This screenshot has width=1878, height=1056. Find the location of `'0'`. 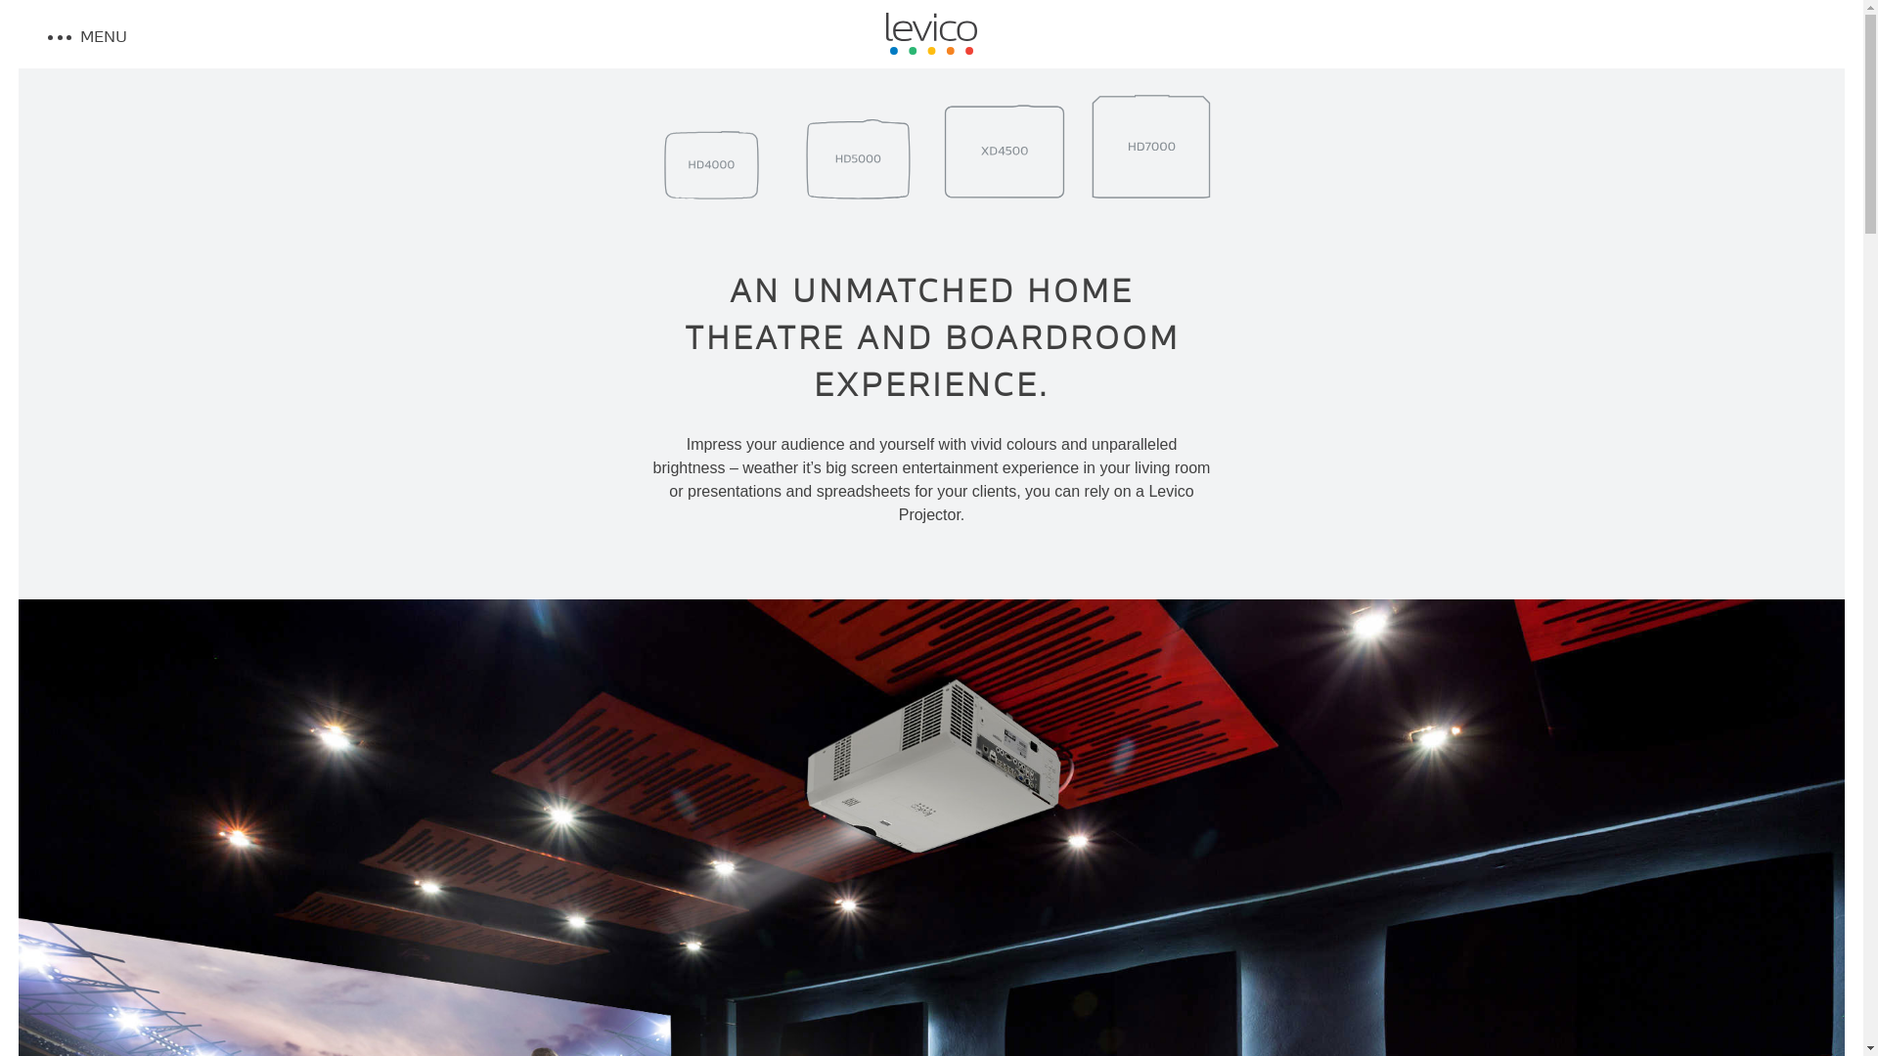

'0' is located at coordinates (858, 152).